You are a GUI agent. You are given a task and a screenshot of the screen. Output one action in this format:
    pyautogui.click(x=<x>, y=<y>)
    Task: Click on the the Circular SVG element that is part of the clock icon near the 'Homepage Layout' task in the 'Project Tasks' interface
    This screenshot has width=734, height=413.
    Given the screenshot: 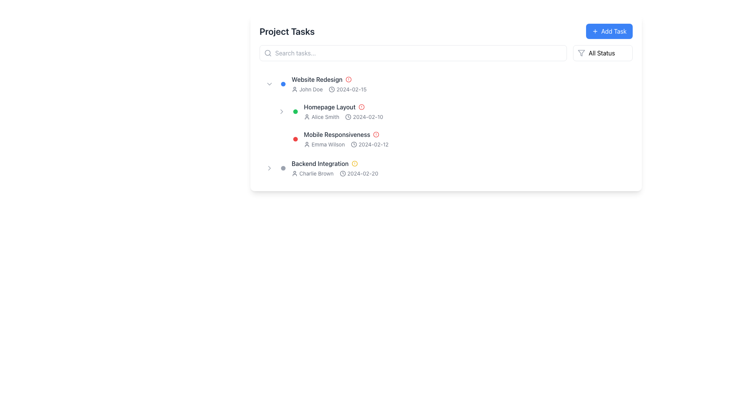 What is the action you would take?
    pyautogui.click(x=348, y=117)
    